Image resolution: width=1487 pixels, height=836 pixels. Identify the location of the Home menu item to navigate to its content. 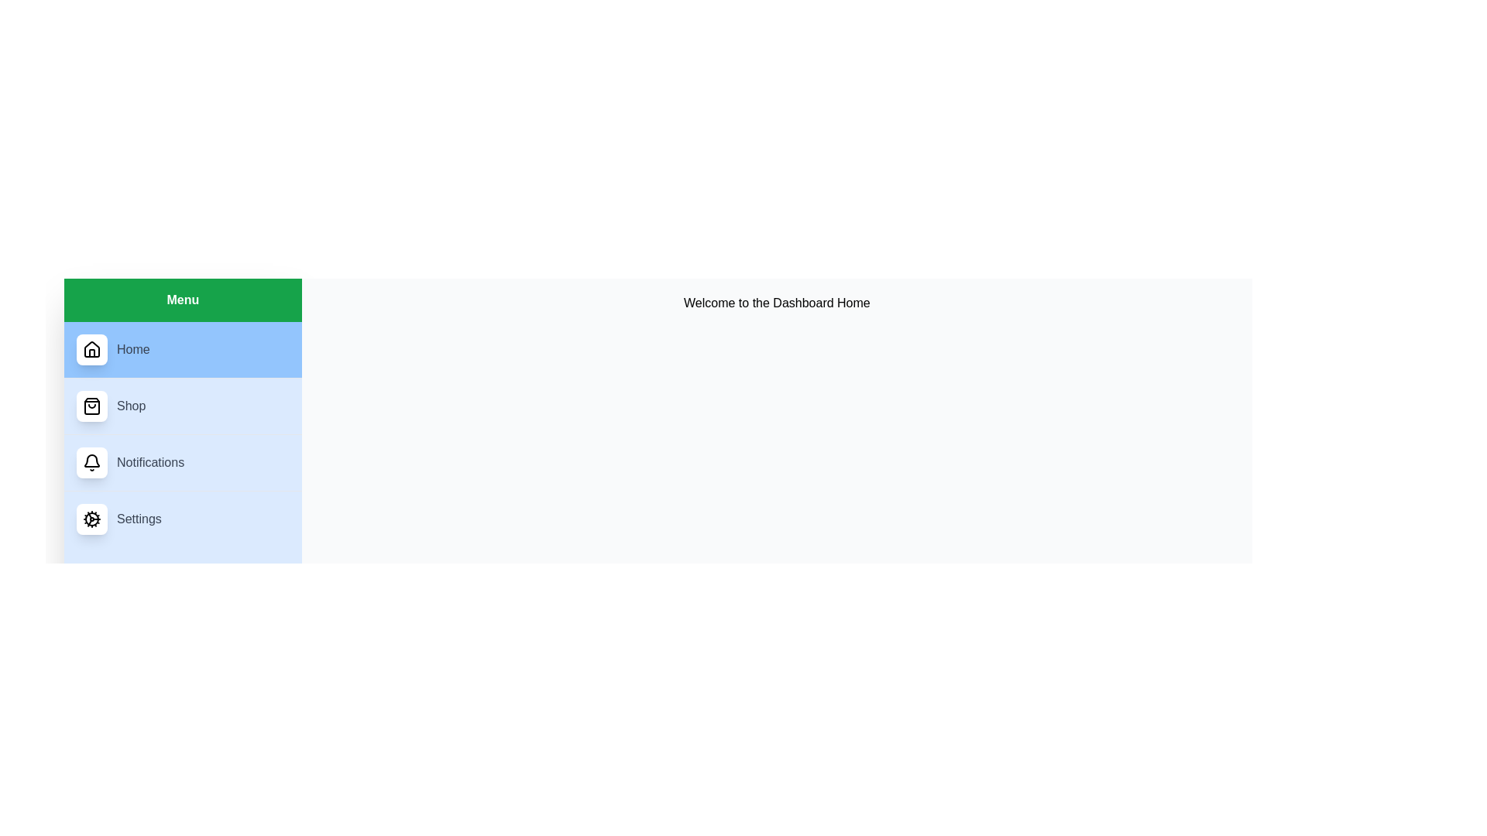
(182, 349).